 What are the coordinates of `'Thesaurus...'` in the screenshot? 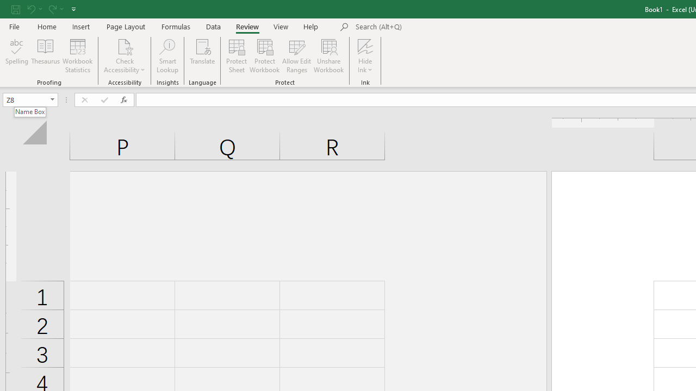 It's located at (45, 56).